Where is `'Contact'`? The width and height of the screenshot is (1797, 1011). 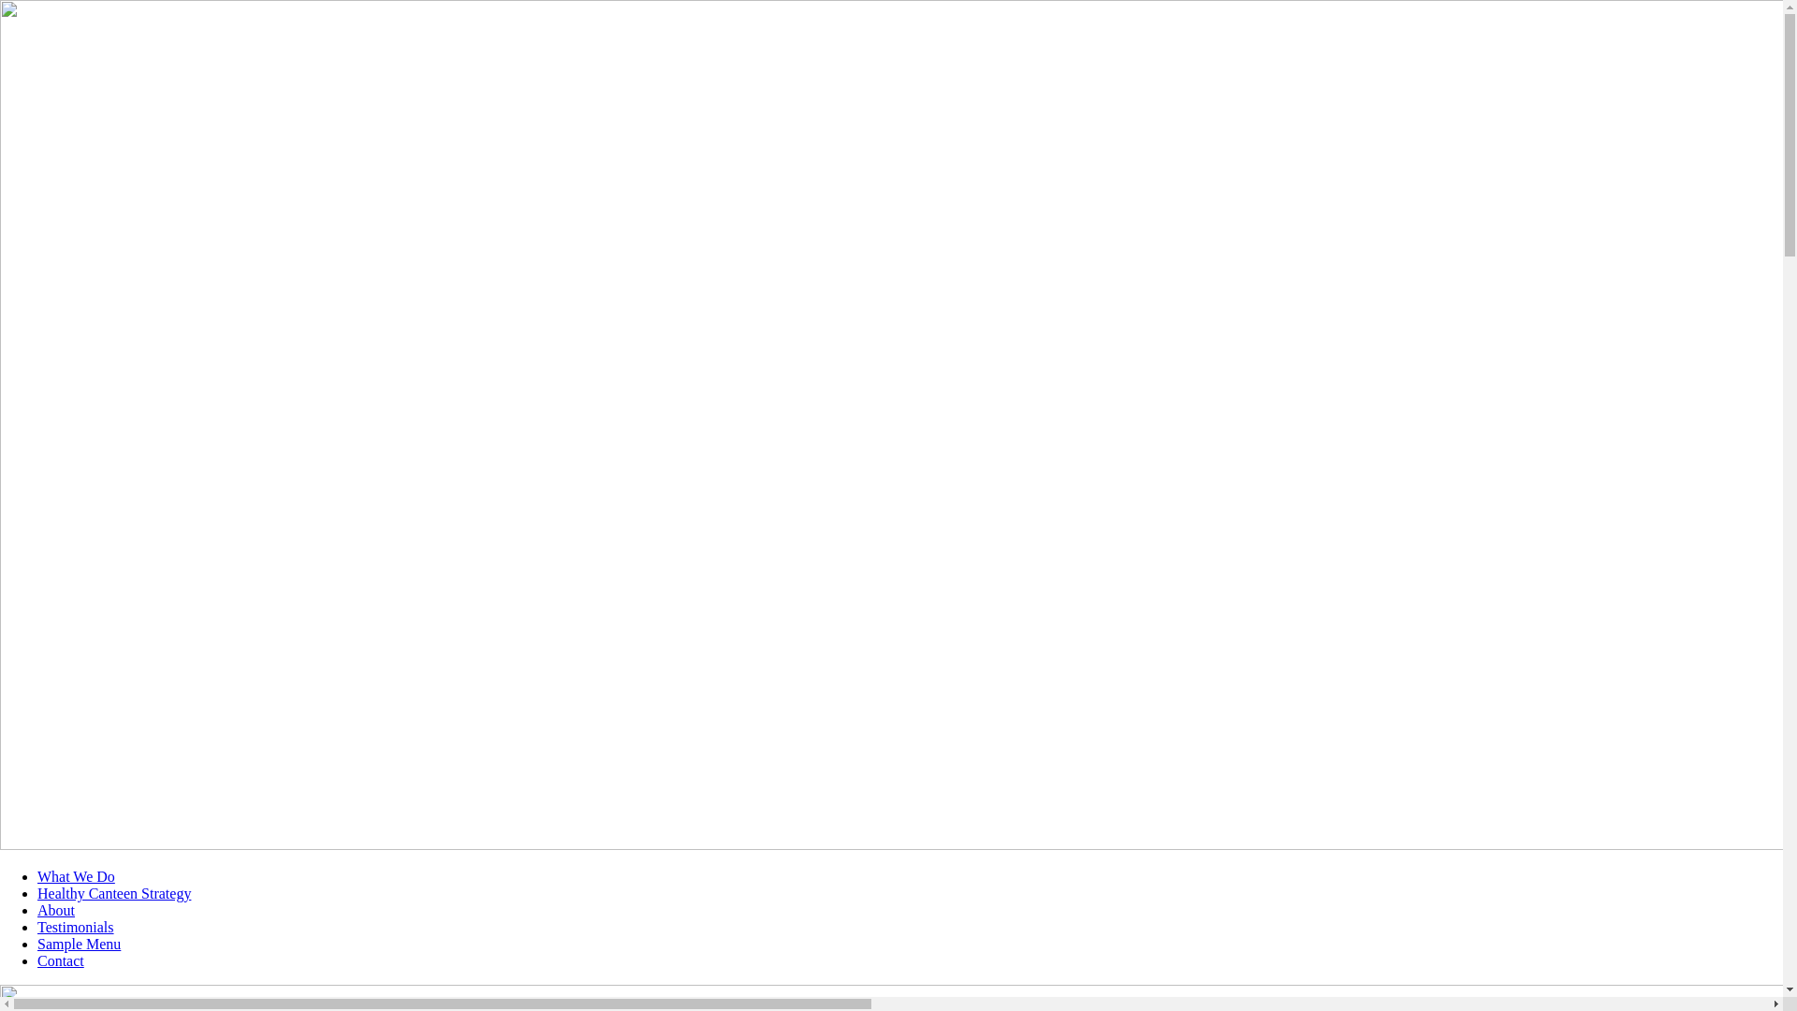 'Contact' is located at coordinates (61, 960).